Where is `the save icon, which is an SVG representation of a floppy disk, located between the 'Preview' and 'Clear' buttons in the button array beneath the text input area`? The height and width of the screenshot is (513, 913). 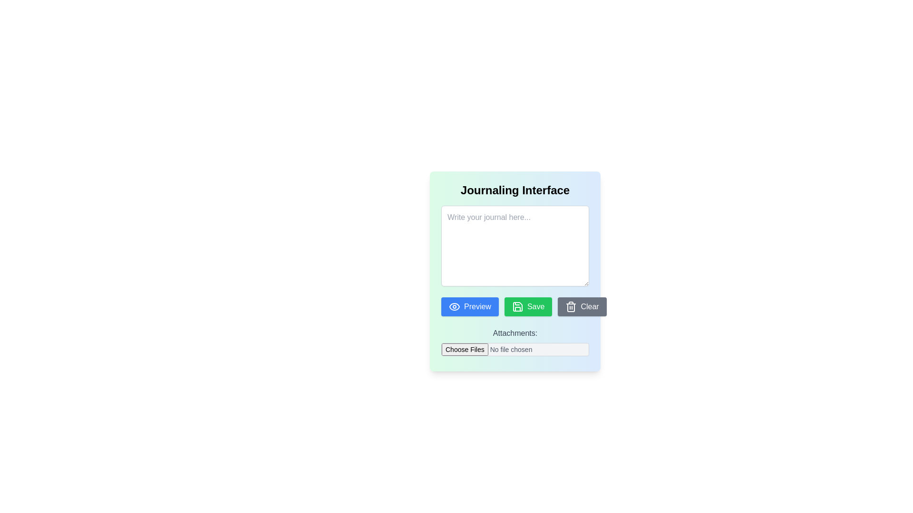
the save icon, which is an SVG representation of a floppy disk, located between the 'Preview' and 'Clear' buttons in the button array beneath the text input area is located at coordinates (517, 306).